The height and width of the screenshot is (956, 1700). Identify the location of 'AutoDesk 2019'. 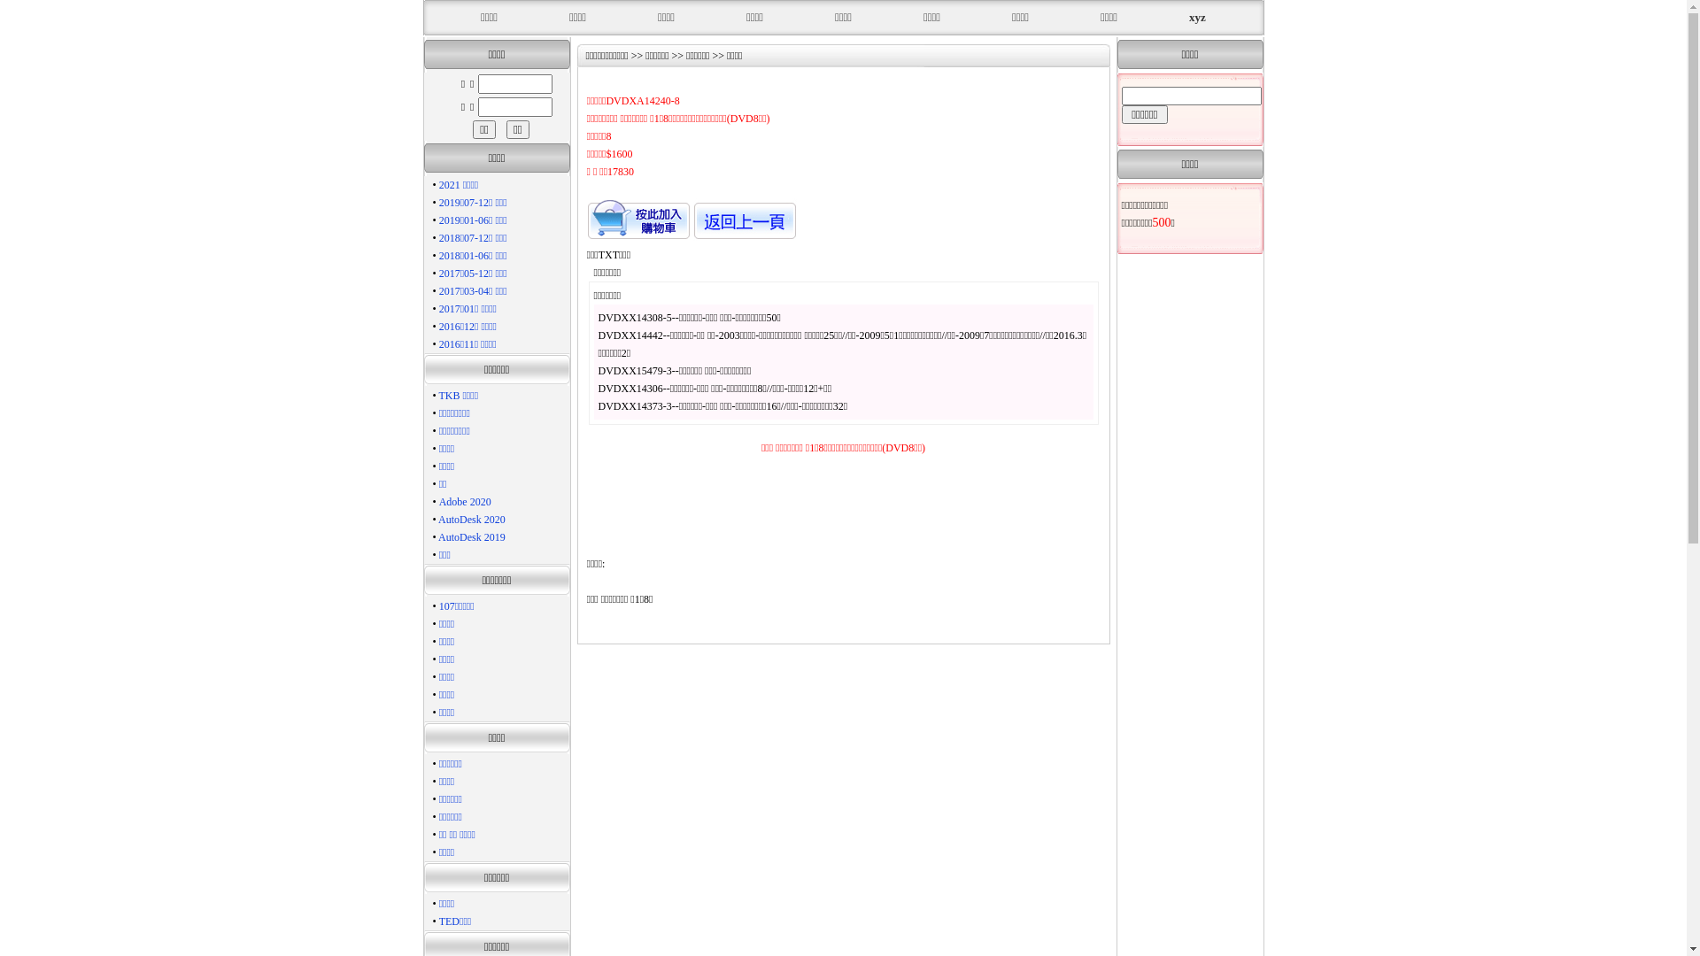
(471, 536).